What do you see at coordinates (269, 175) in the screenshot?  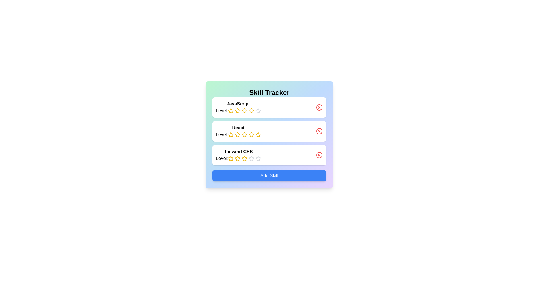 I see `'Add Skill' button to add a new skill entry` at bounding box center [269, 175].